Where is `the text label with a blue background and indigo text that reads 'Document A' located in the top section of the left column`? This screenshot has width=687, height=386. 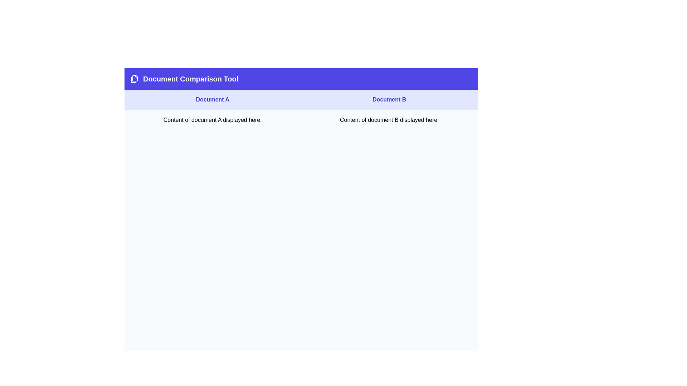
the text label with a blue background and indigo text that reads 'Document A' located in the top section of the left column is located at coordinates (212, 100).